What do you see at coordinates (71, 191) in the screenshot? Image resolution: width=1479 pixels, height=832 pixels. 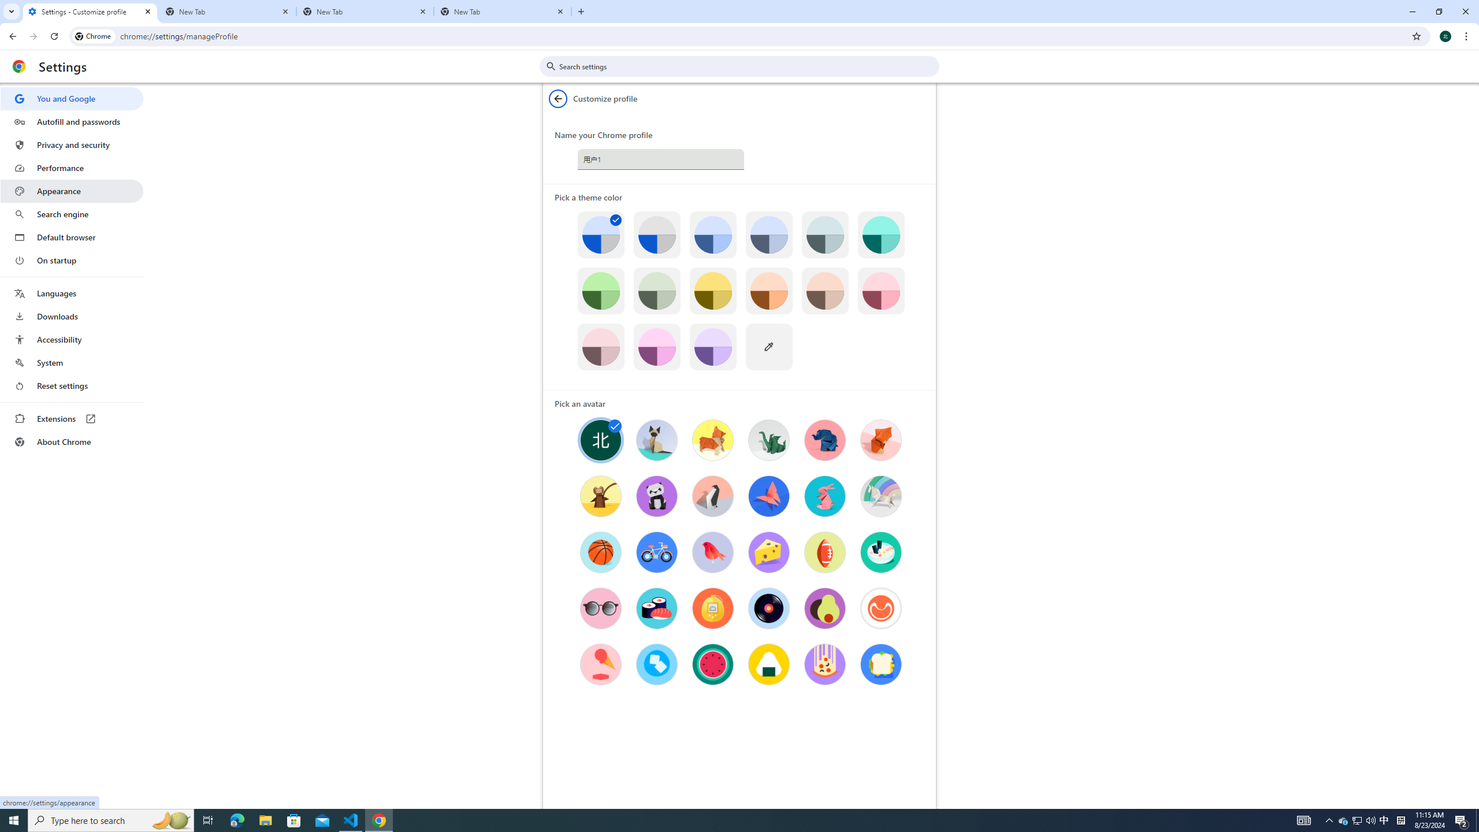 I see `'Appearance'` at bounding box center [71, 191].